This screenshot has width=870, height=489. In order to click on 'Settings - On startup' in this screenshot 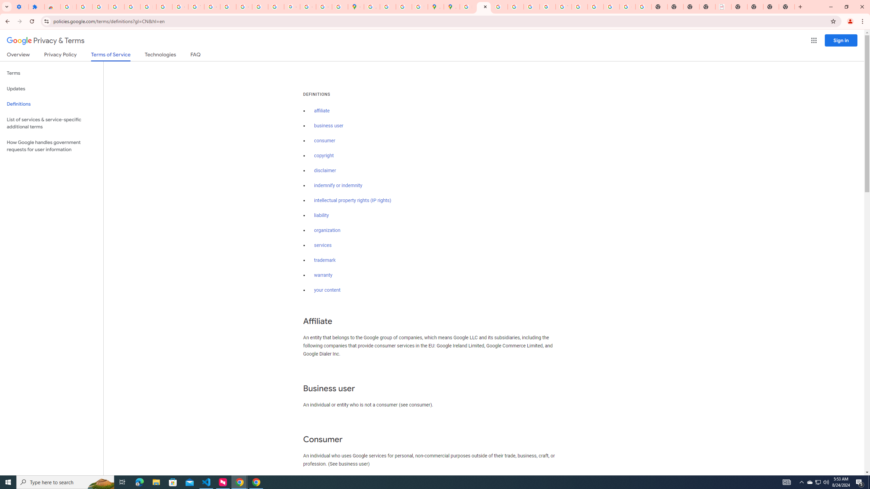, I will do `click(20, 6)`.